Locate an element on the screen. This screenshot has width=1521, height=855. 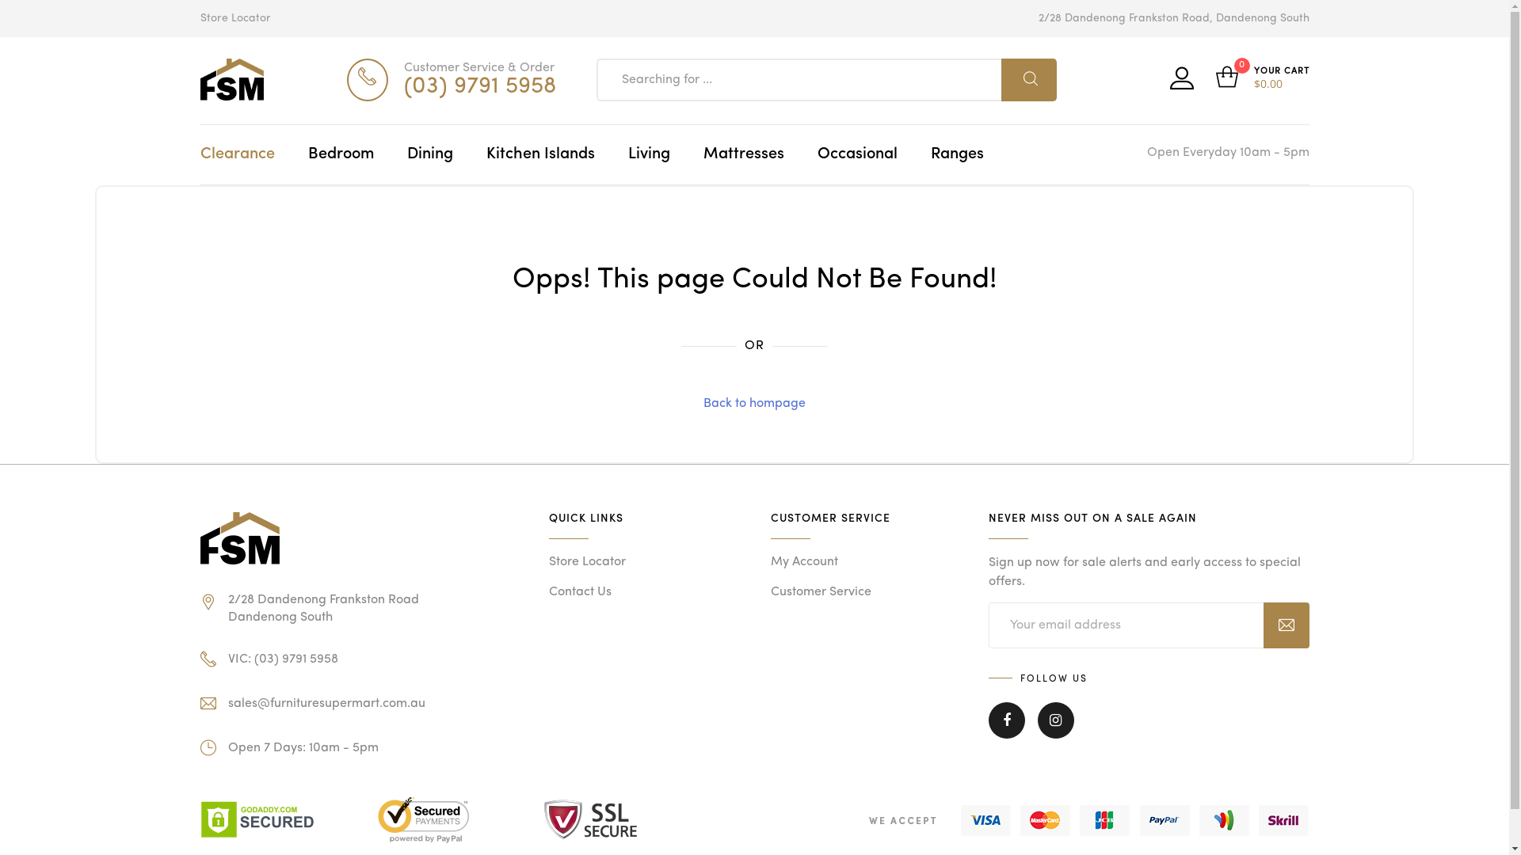
'Kitchen Islands' is located at coordinates (540, 154).